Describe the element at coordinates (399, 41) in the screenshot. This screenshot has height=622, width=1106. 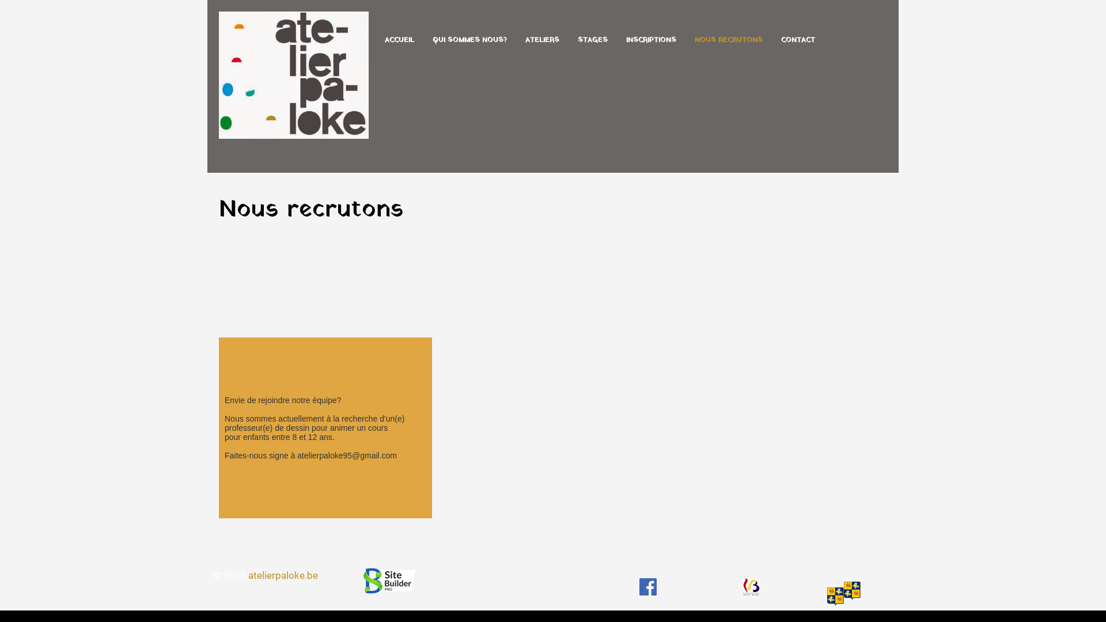
I see `'ACCUEIL'` at that location.